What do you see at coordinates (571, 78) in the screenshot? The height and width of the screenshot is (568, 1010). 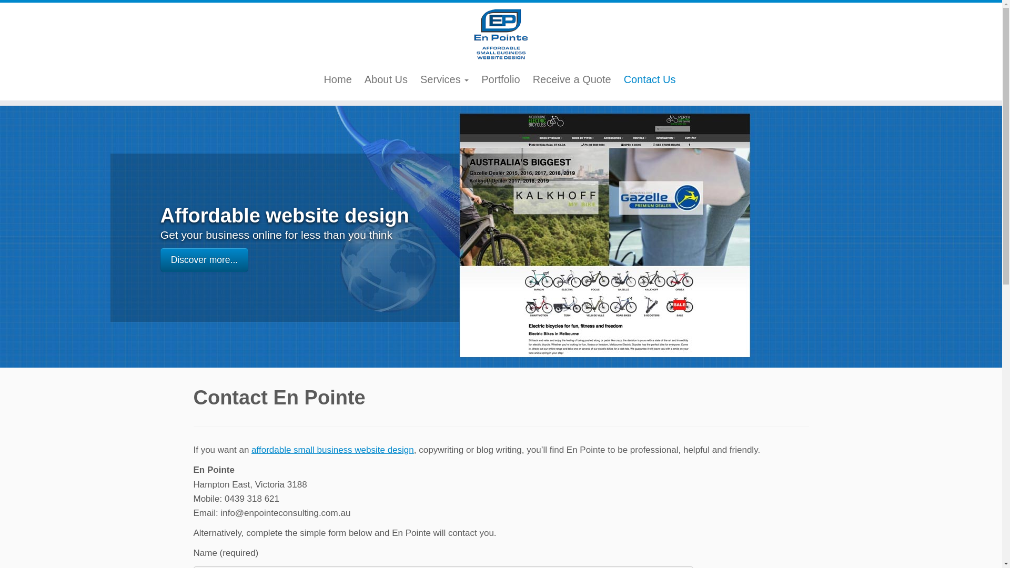 I see `'Receive a Quote'` at bounding box center [571, 78].